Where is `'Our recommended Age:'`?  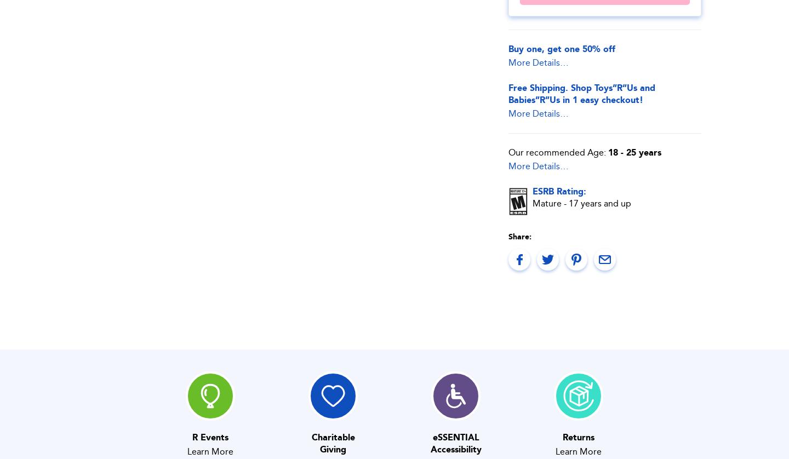
'Our recommended Age:' is located at coordinates (557, 151).